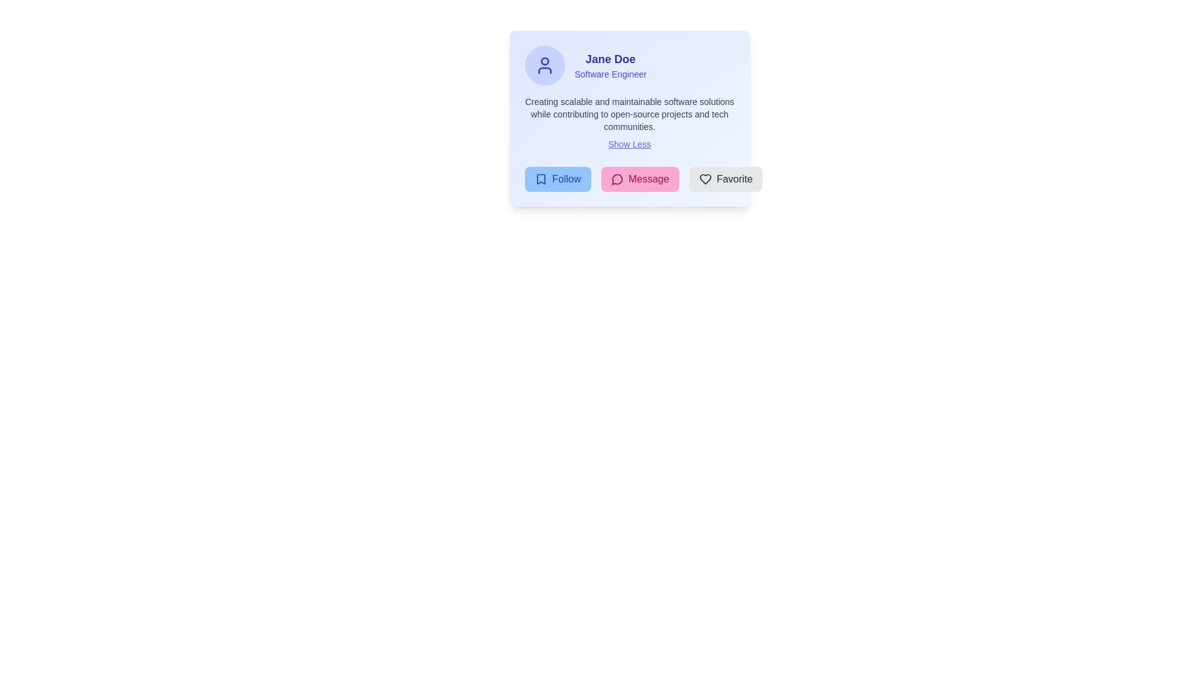  I want to click on the user profile icon located at the top central region of the profile card, which features a circular head and a rounded rectangular base, for actions related to this profile, so click(544, 70).